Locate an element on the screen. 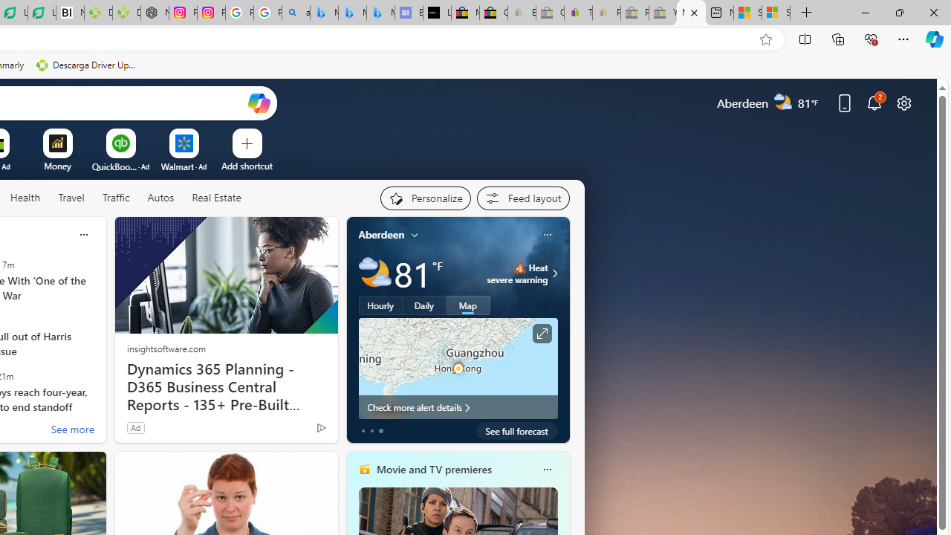 This screenshot has width=951, height=535. 'Class: weather-arrow-glyph' is located at coordinates (554, 273).